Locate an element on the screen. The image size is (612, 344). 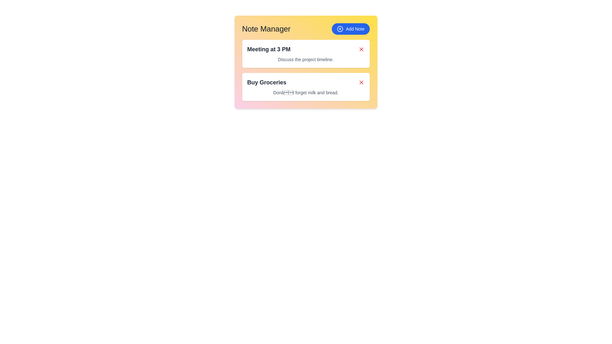
the note title 'Meeting at 3 PM' is located at coordinates (269, 49).